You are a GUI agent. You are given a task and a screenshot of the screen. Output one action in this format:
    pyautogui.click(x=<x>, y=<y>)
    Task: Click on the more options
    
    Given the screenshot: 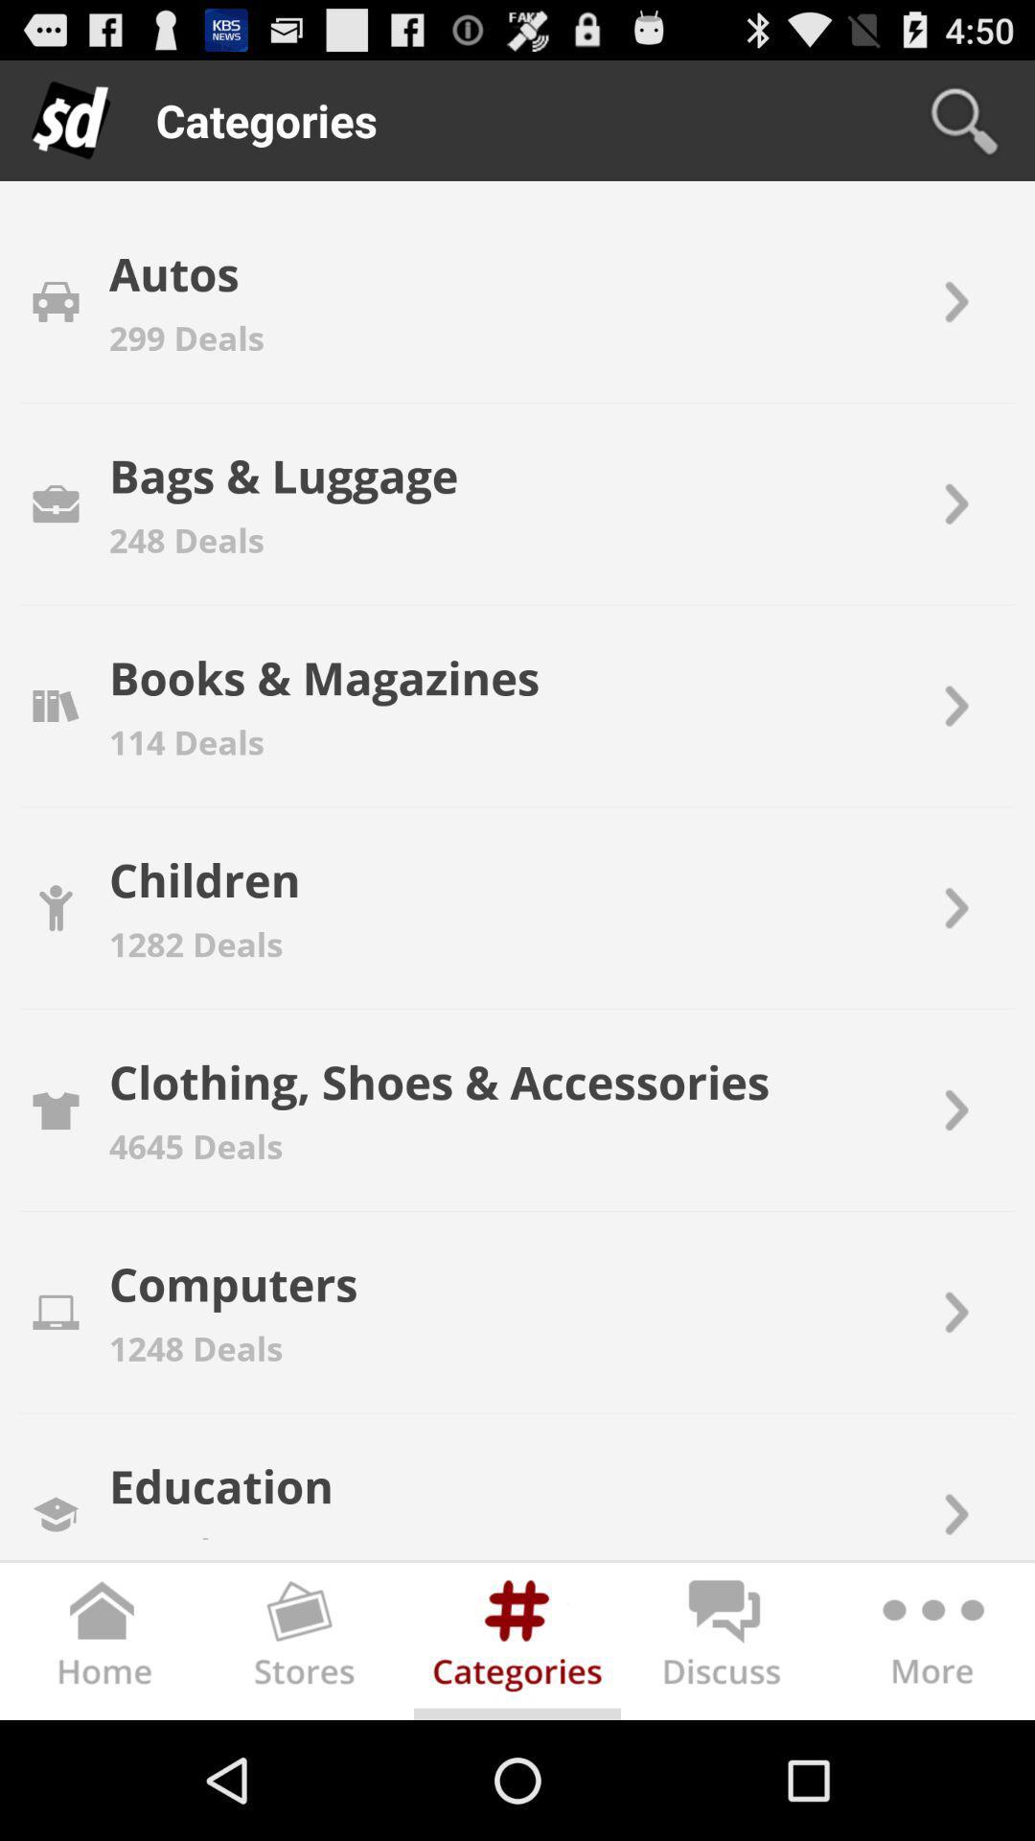 What is the action you would take?
    pyautogui.click(x=930, y=1643)
    